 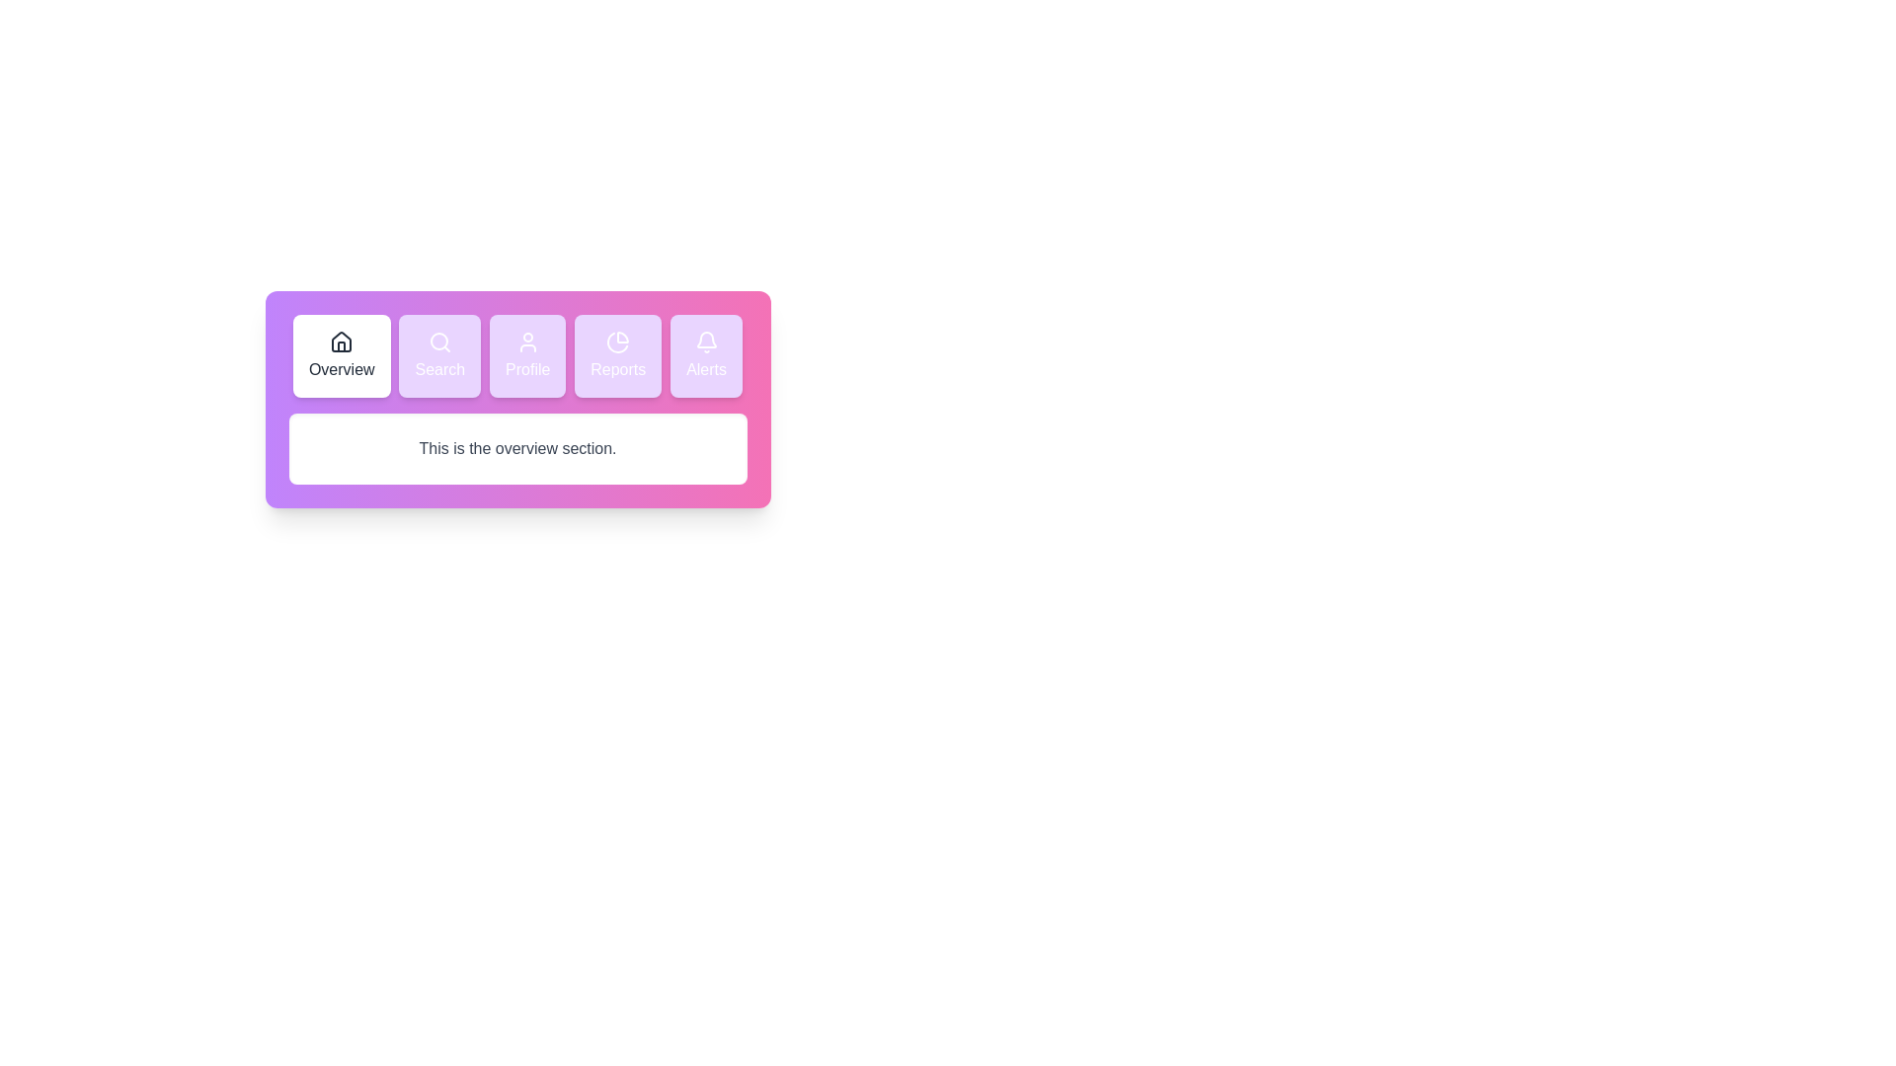 What do you see at coordinates (342, 369) in the screenshot?
I see `displayed text of the 'Overview' label, which identifies the corresponding section in the navigation row of the interface` at bounding box center [342, 369].